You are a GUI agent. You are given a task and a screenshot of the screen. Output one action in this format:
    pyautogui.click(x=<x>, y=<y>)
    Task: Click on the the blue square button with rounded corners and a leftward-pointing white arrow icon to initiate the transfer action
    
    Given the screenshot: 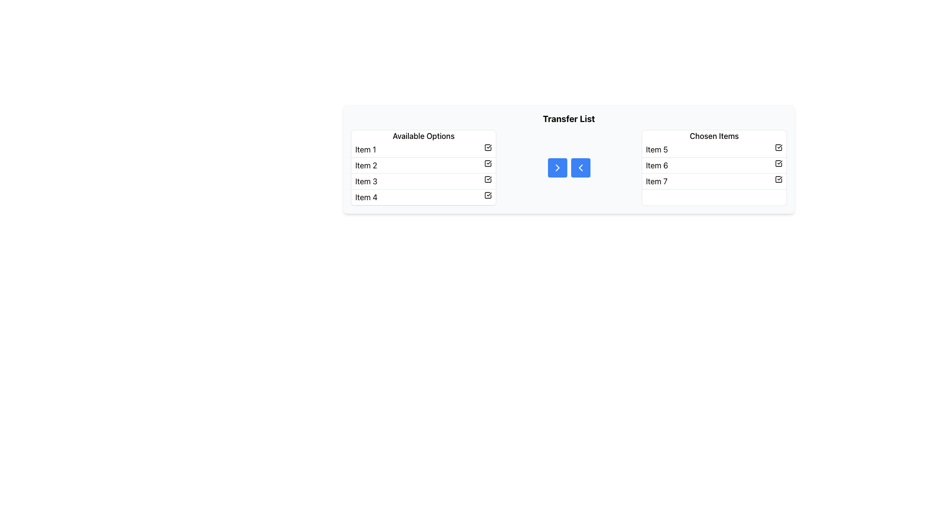 What is the action you would take?
    pyautogui.click(x=580, y=167)
    